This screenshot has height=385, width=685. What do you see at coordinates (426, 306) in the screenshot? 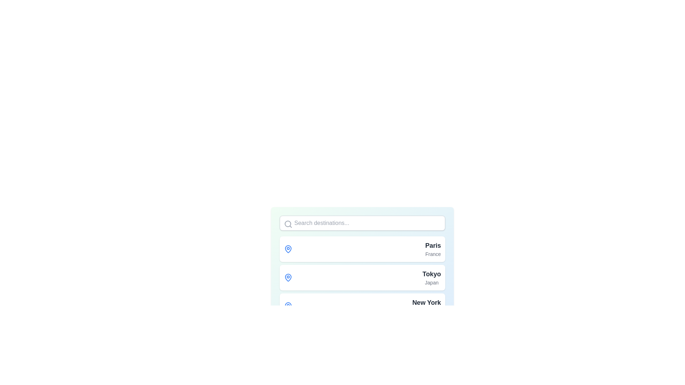
I see `the text label displaying 'New York' with 'USA' below it in the bottom-most box of the vertical list` at bounding box center [426, 306].